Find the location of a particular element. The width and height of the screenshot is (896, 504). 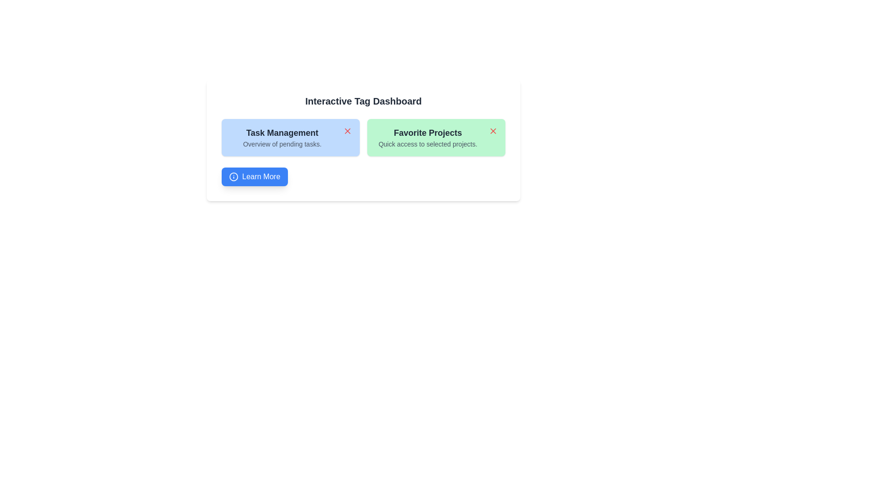

the cross icon button located in the top-right corner of the 'Task Management' card is located at coordinates (347, 131).